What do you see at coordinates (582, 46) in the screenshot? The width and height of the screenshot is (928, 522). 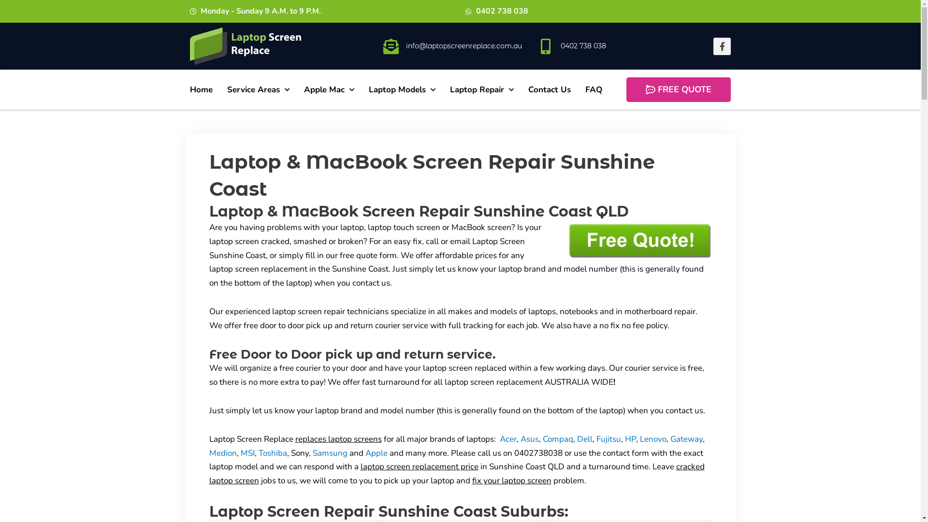 I see `'0402 738 038'` at bounding box center [582, 46].